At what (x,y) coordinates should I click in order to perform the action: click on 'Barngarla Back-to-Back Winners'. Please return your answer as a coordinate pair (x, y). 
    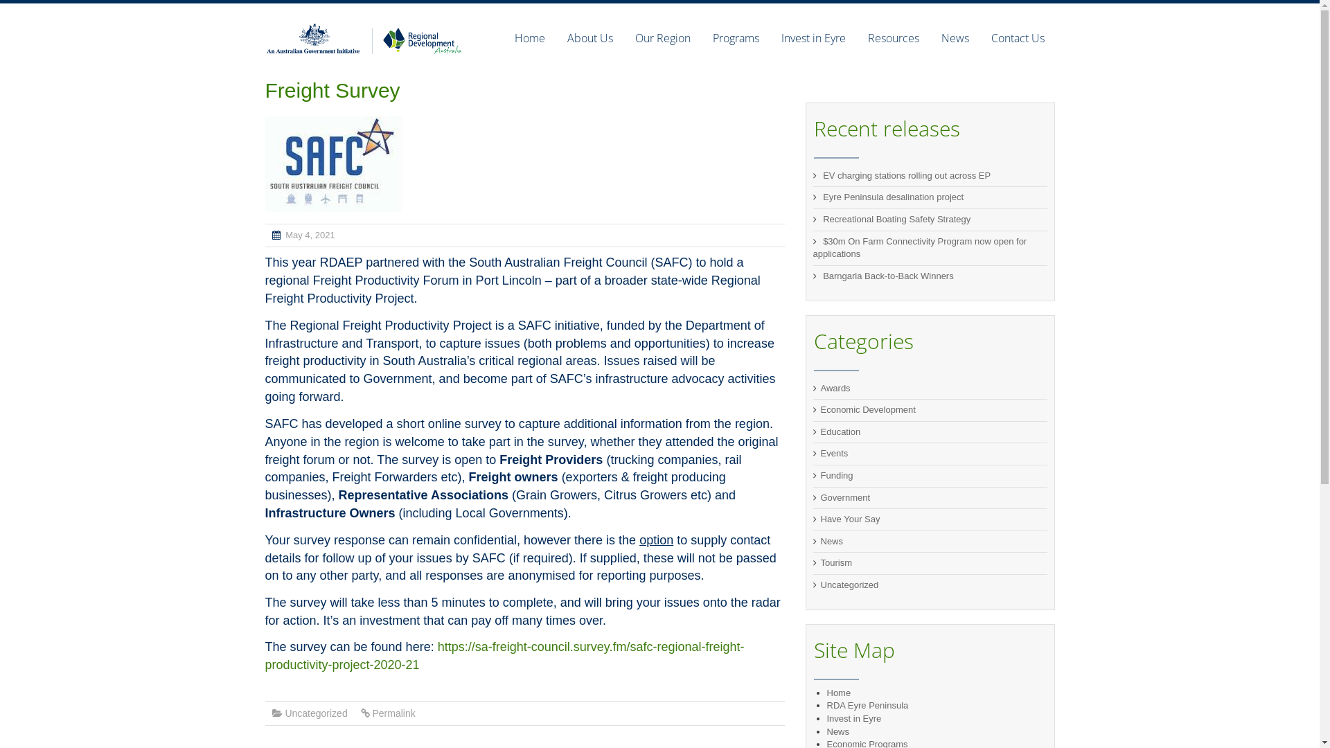
    Looking at the image, I should click on (888, 276).